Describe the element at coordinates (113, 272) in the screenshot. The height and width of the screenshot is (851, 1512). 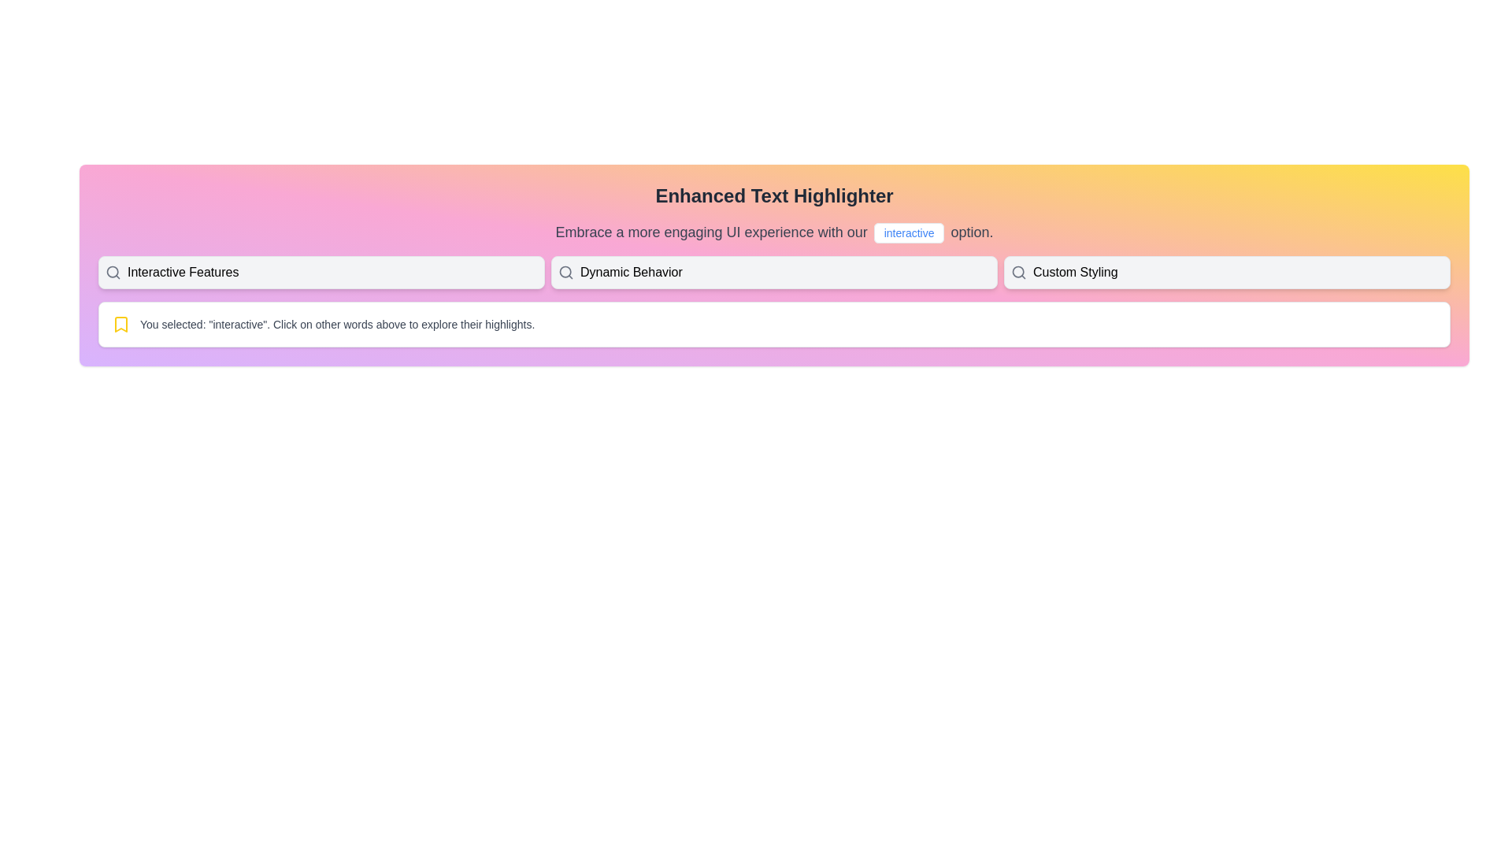
I see `the search icon, which is a light gray magnifying glass located to the left of the 'Interactive Features' text` at that location.